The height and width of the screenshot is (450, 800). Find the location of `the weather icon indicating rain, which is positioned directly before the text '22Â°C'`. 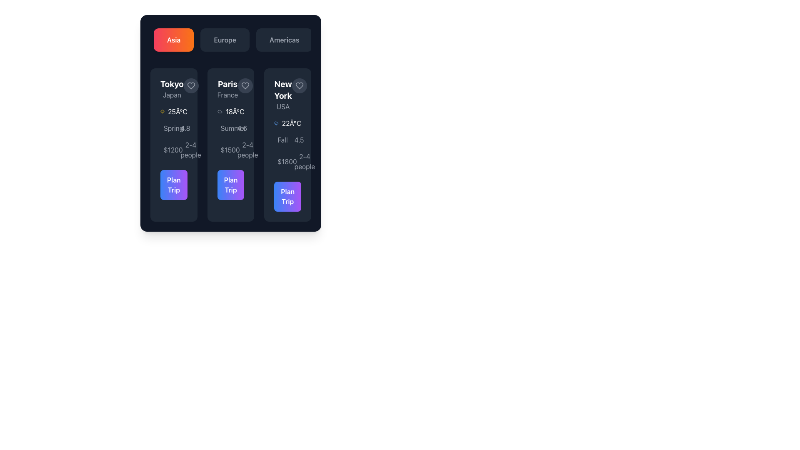

the weather icon indicating rain, which is positioned directly before the text '22Â°C' is located at coordinates (276, 123).